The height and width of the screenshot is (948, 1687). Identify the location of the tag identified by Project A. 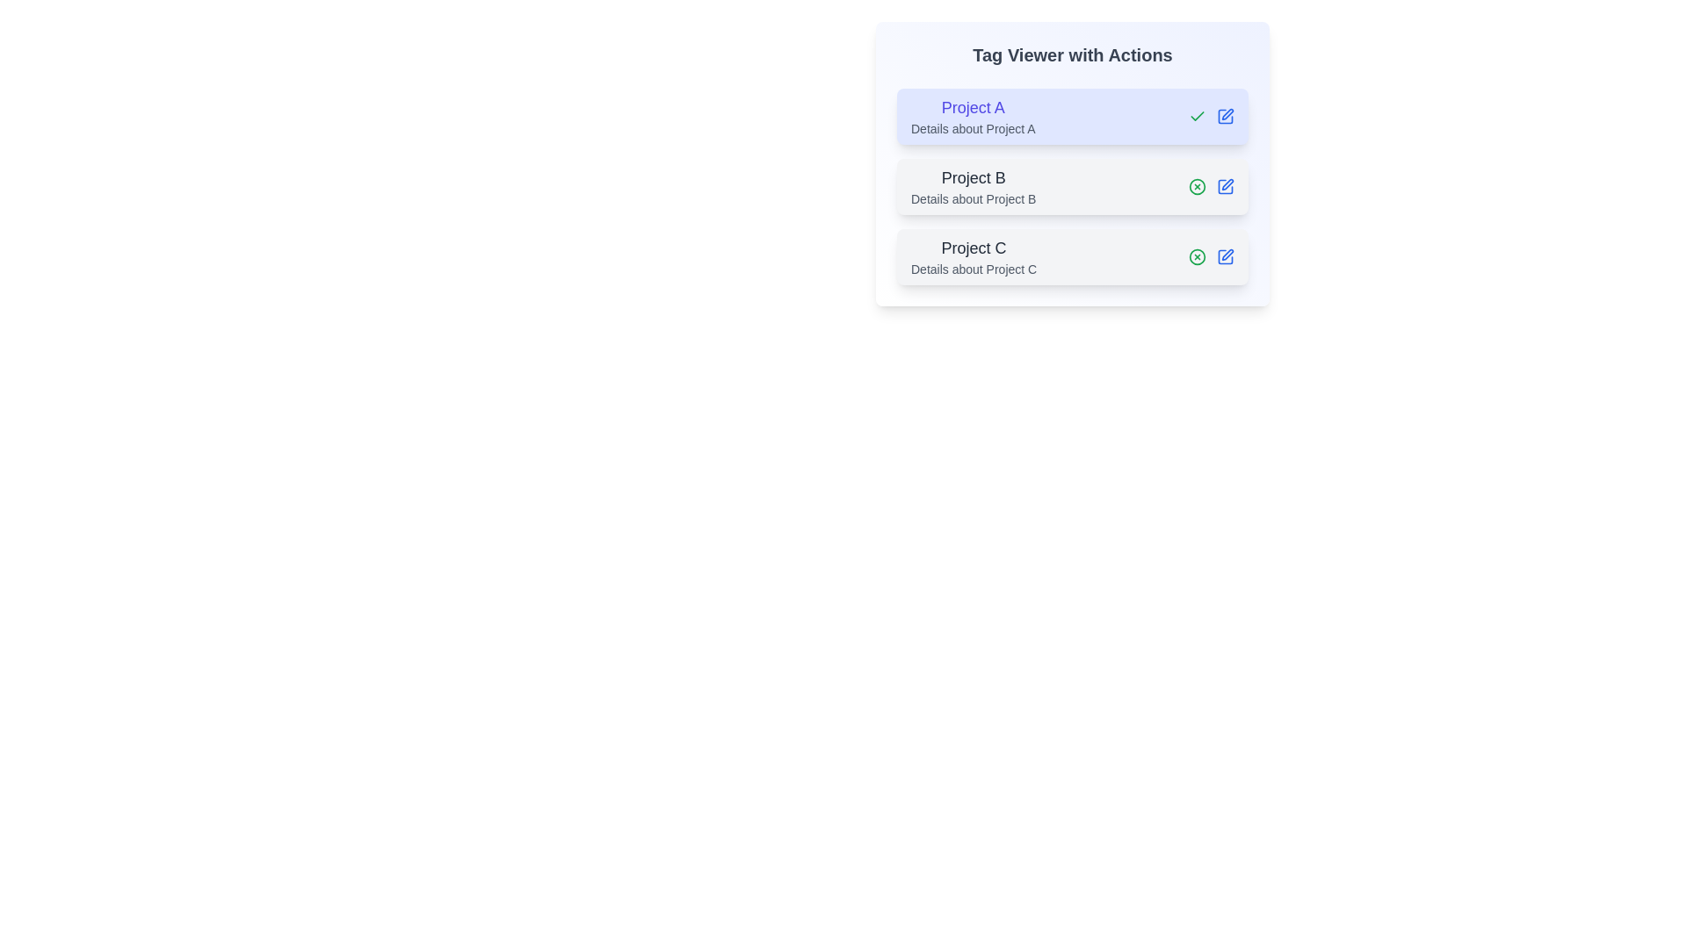
(1197, 116).